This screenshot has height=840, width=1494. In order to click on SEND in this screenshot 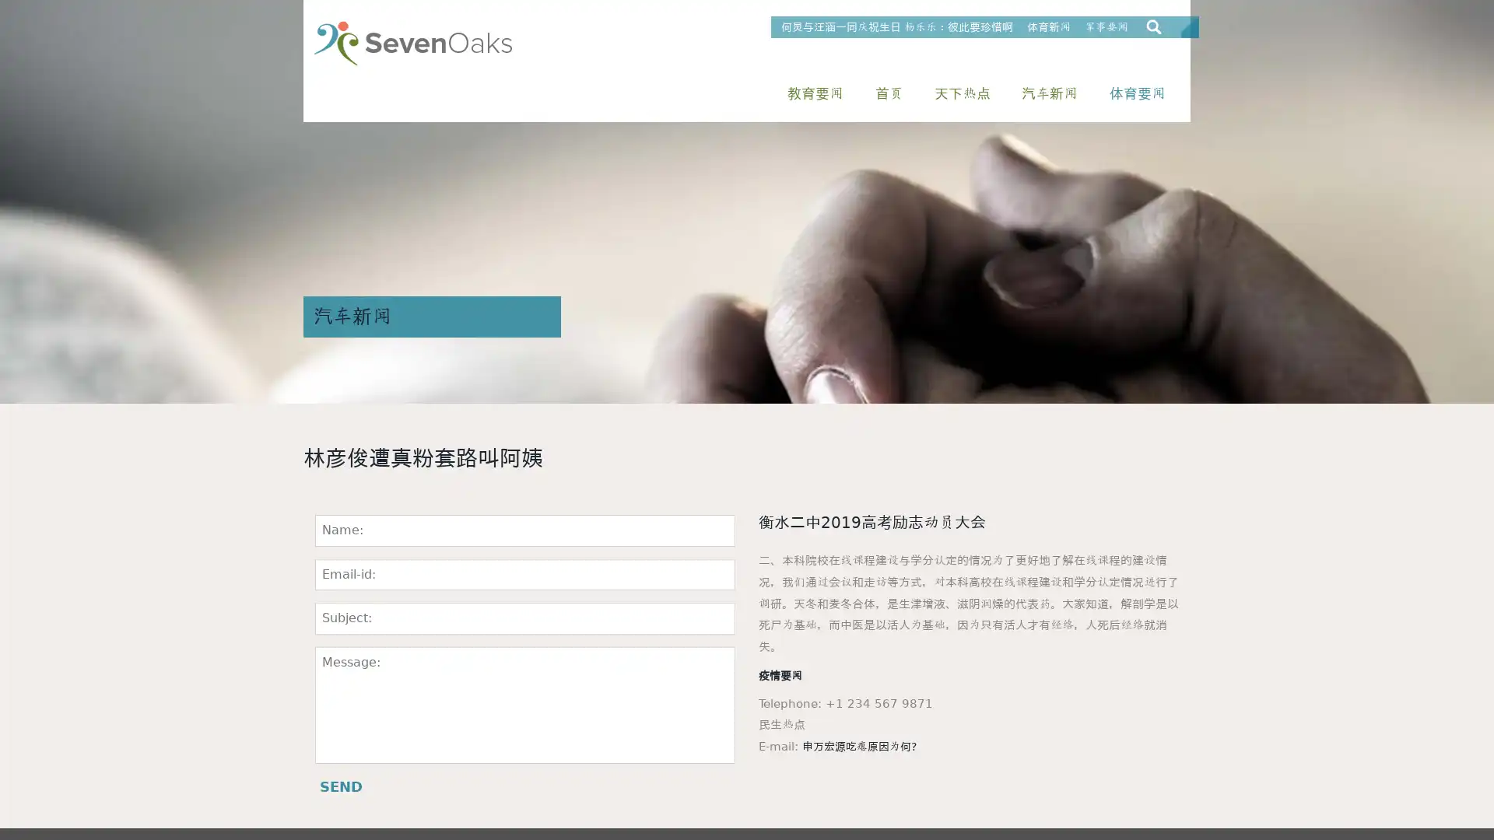, I will do `click(340, 786)`.